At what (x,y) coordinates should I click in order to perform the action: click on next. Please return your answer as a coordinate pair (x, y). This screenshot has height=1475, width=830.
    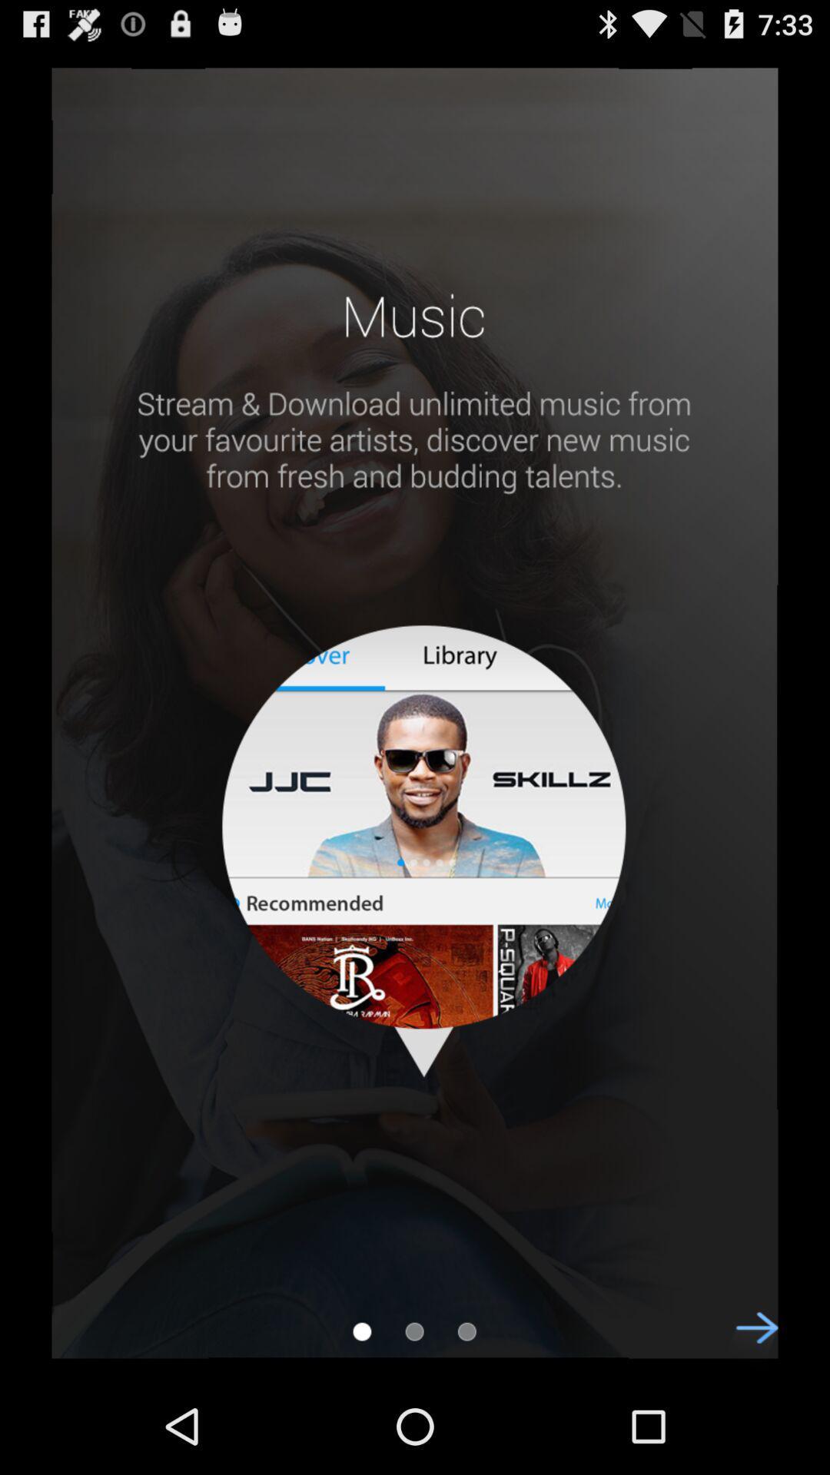
    Looking at the image, I should click on (748, 1341).